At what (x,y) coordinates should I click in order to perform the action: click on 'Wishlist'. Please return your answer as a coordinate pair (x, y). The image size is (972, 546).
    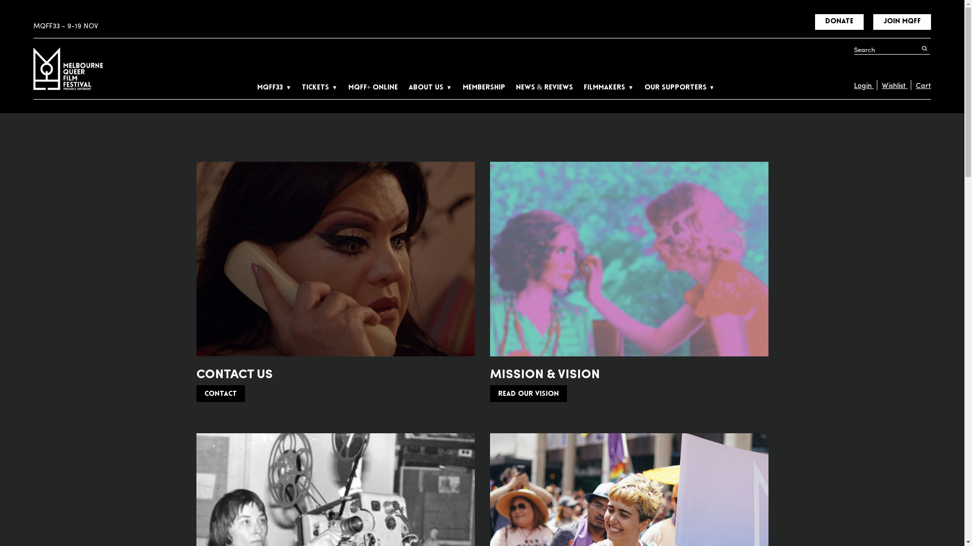
    Looking at the image, I should click on (876, 84).